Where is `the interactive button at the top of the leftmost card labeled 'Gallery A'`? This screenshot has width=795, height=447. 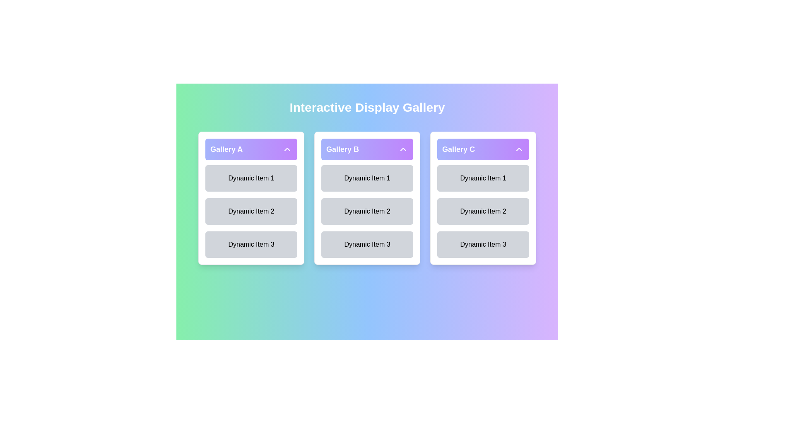 the interactive button at the top of the leftmost card labeled 'Gallery A' is located at coordinates (251, 149).